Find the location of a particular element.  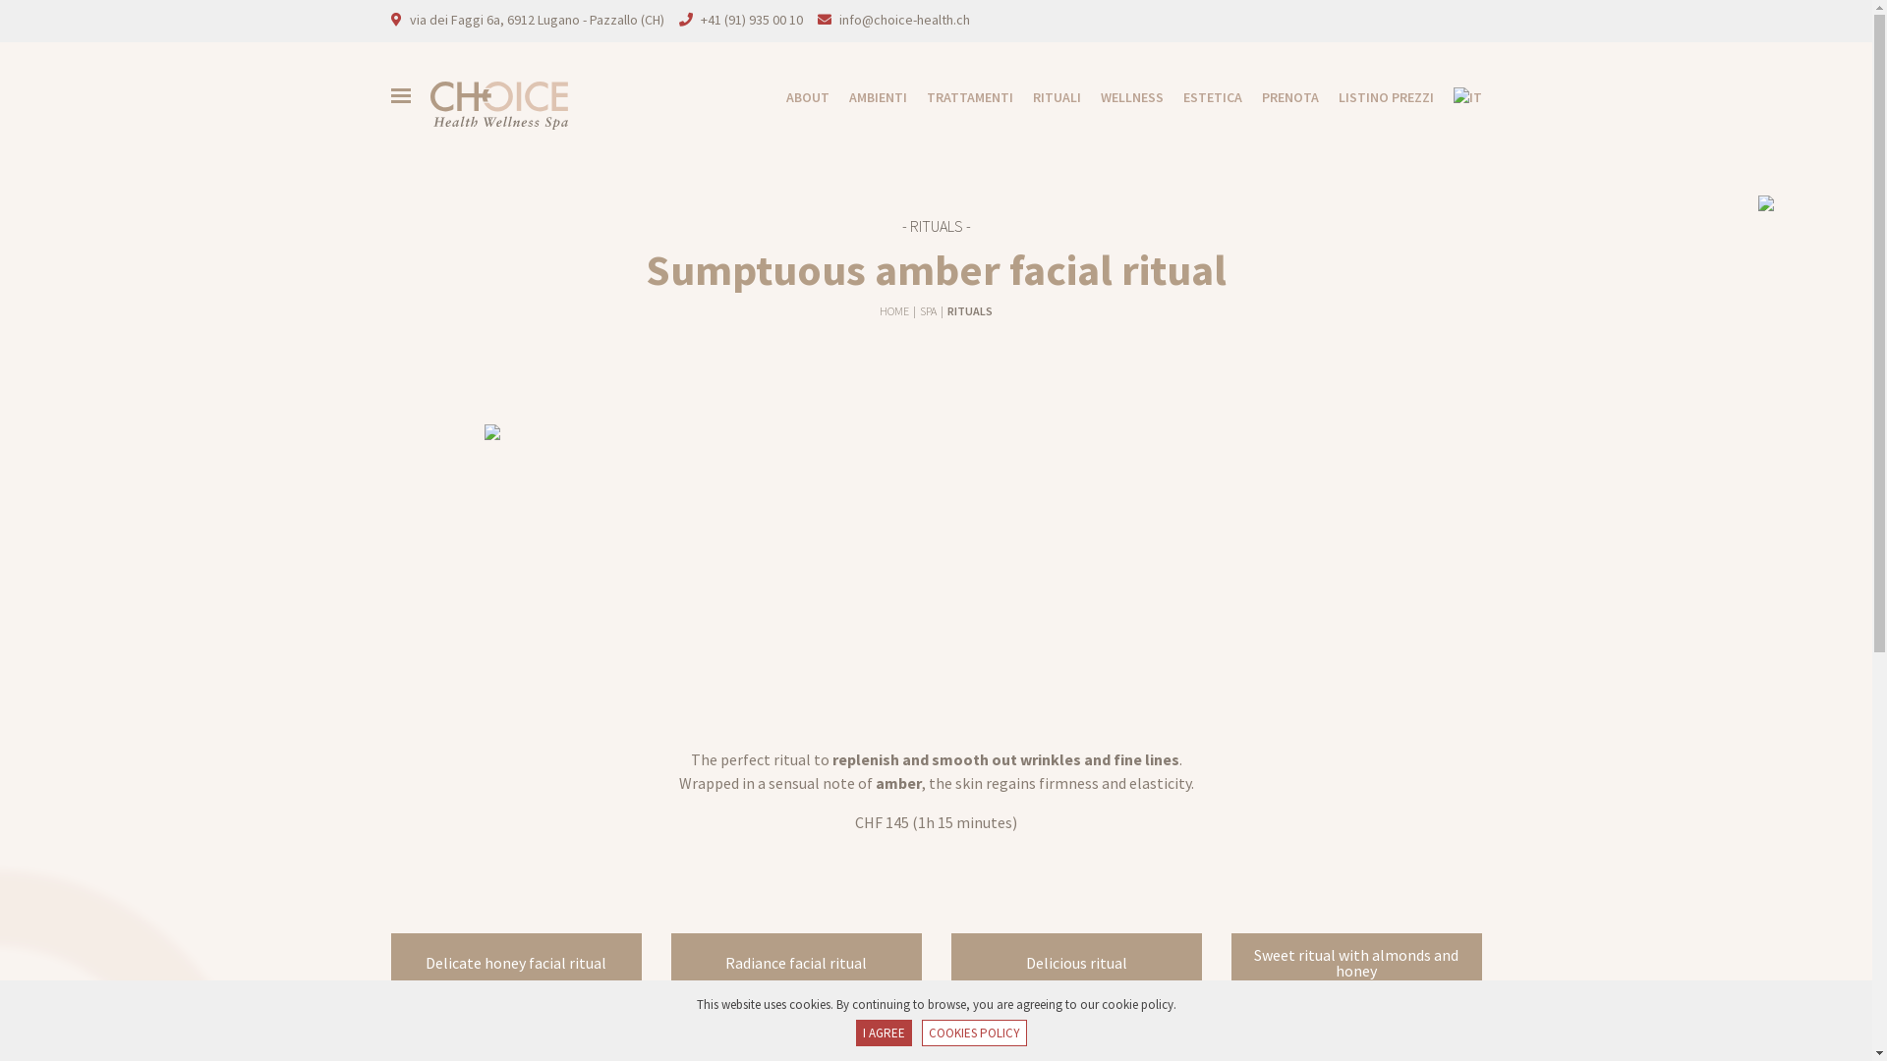

'ESTETICA' is located at coordinates (1202, 97).